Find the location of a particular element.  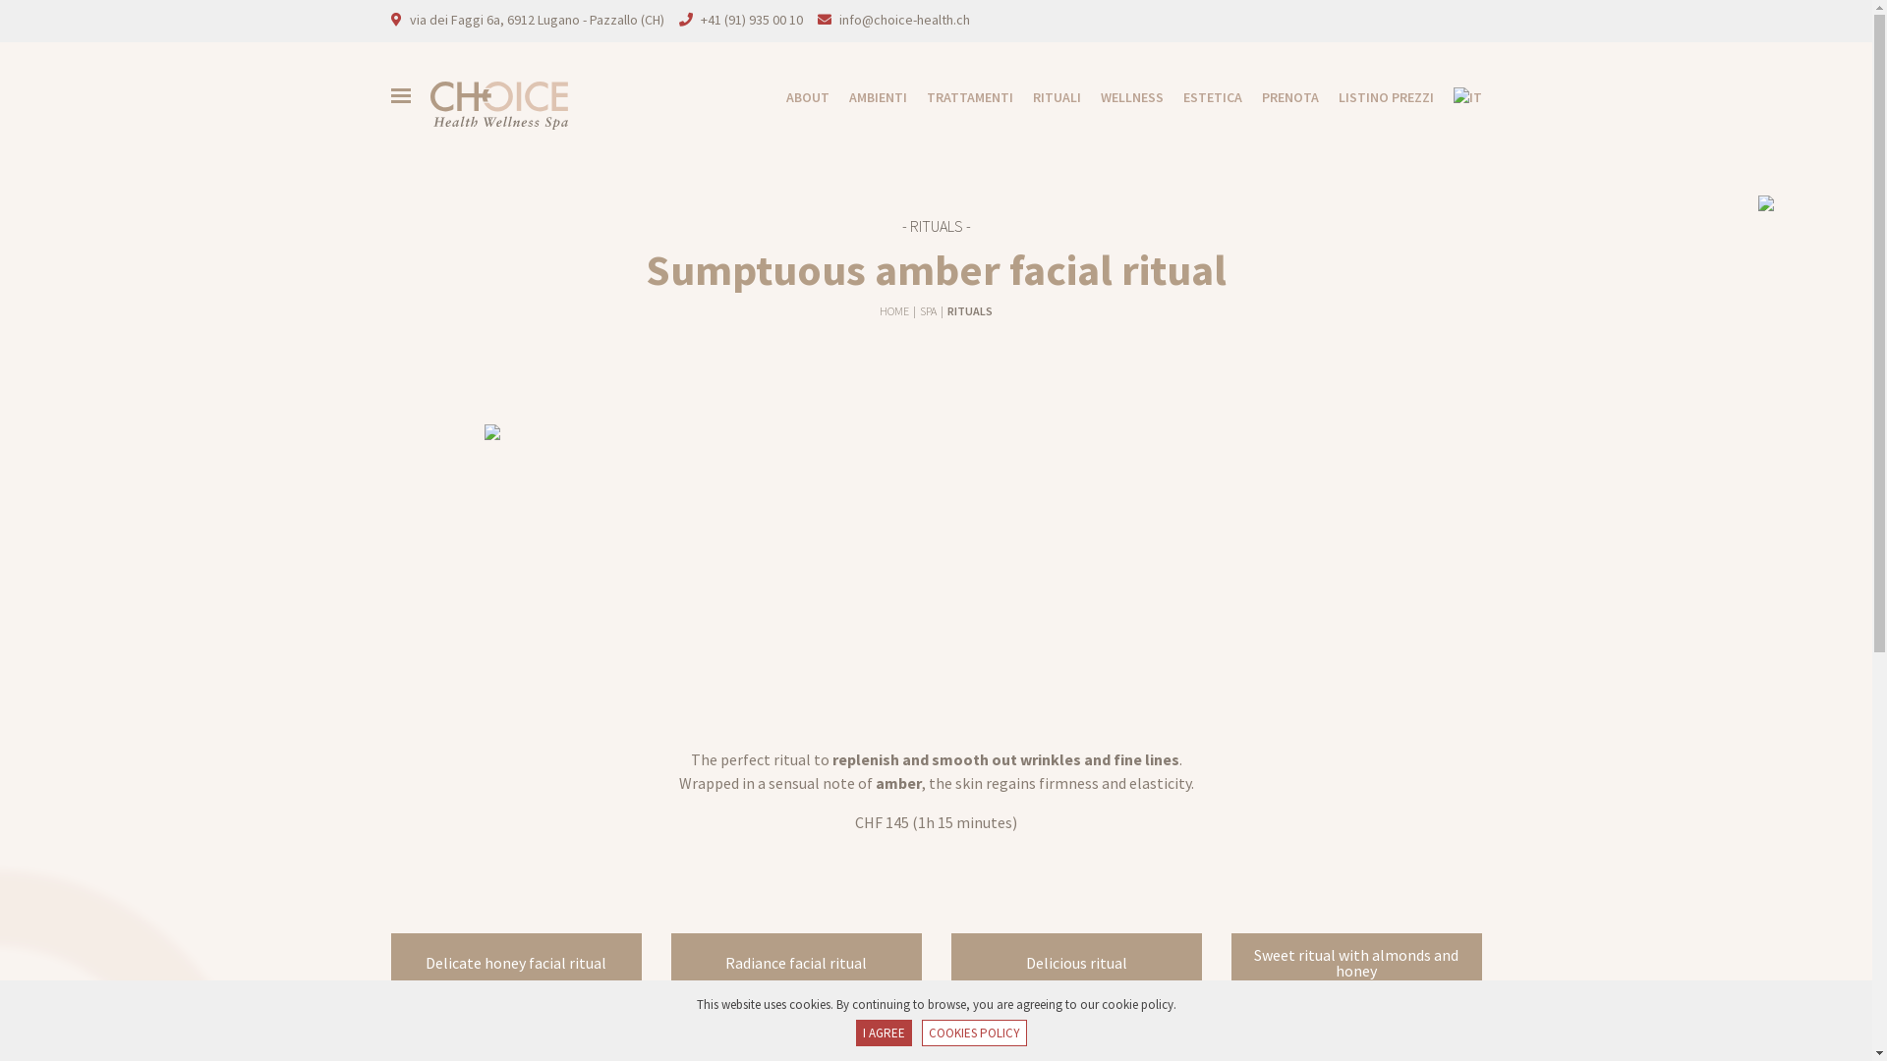

'ESTETICA' is located at coordinates (1202, 97).